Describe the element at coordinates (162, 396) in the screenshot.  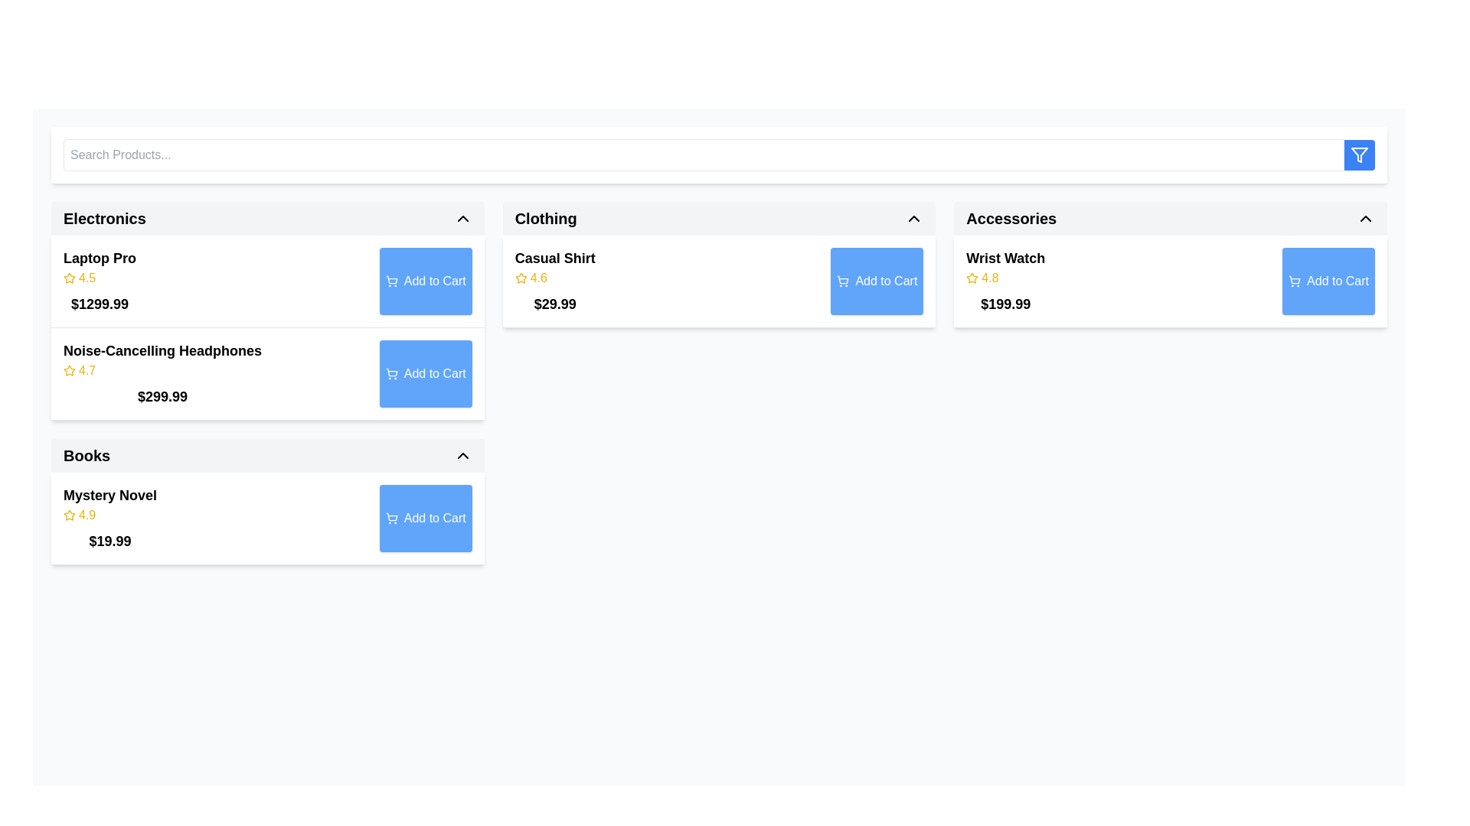
I see `the Text label displaying the price of the 'Noise-Cancelling Headphones' located at the bottom of the product card, just above the 'Add to Cart' button` at that location.